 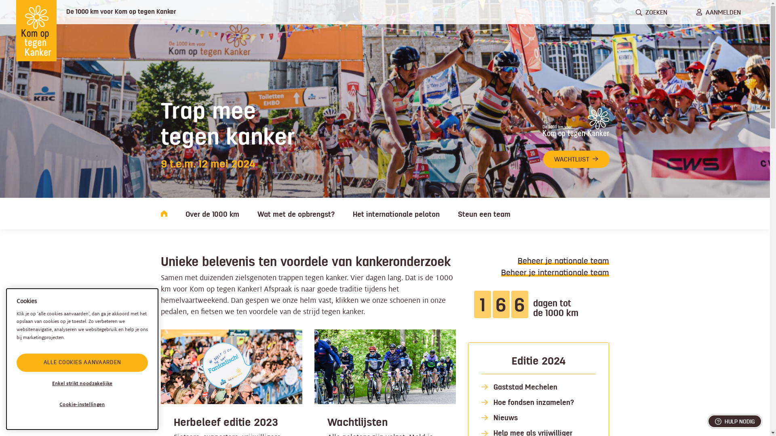 What do you see at coordinates (483, 213) in the screenshot?
I see `'Steun een team'` at bounding box center [483, 213].